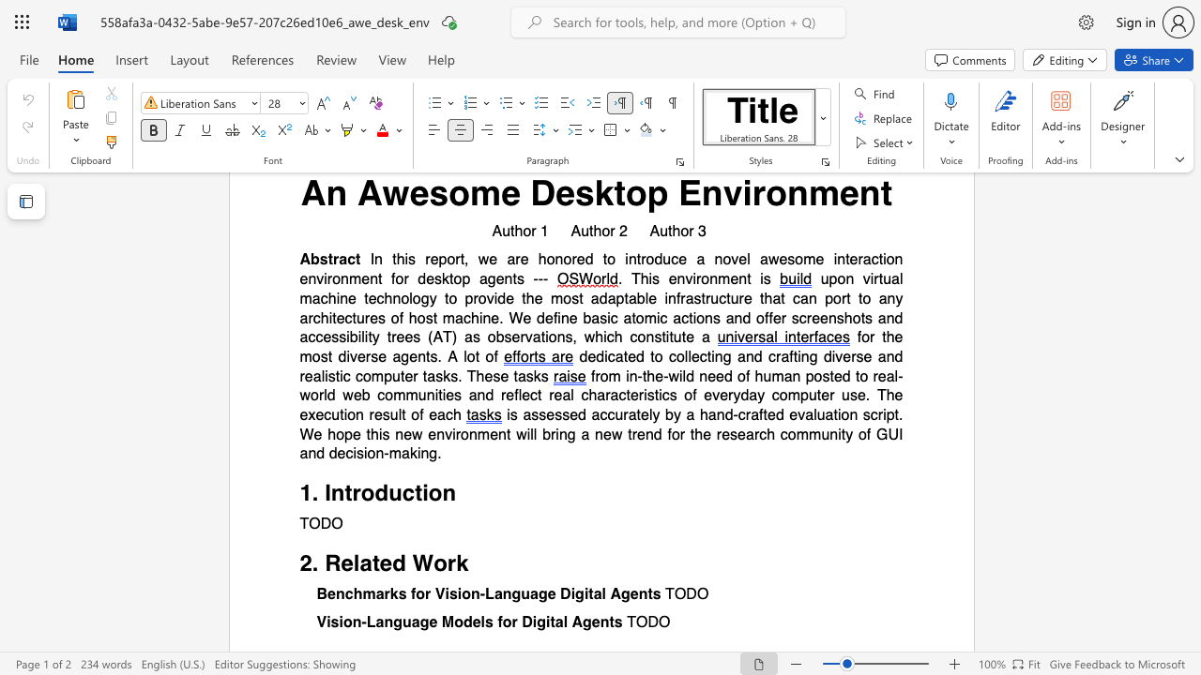 The image size is (1201, 675). What do you see at coordinates (464, 356) in the screenshot?
I see `the subset text "lot o" within the text "for the most diverse agents. A lot of"` at bounding box center [464, 356].